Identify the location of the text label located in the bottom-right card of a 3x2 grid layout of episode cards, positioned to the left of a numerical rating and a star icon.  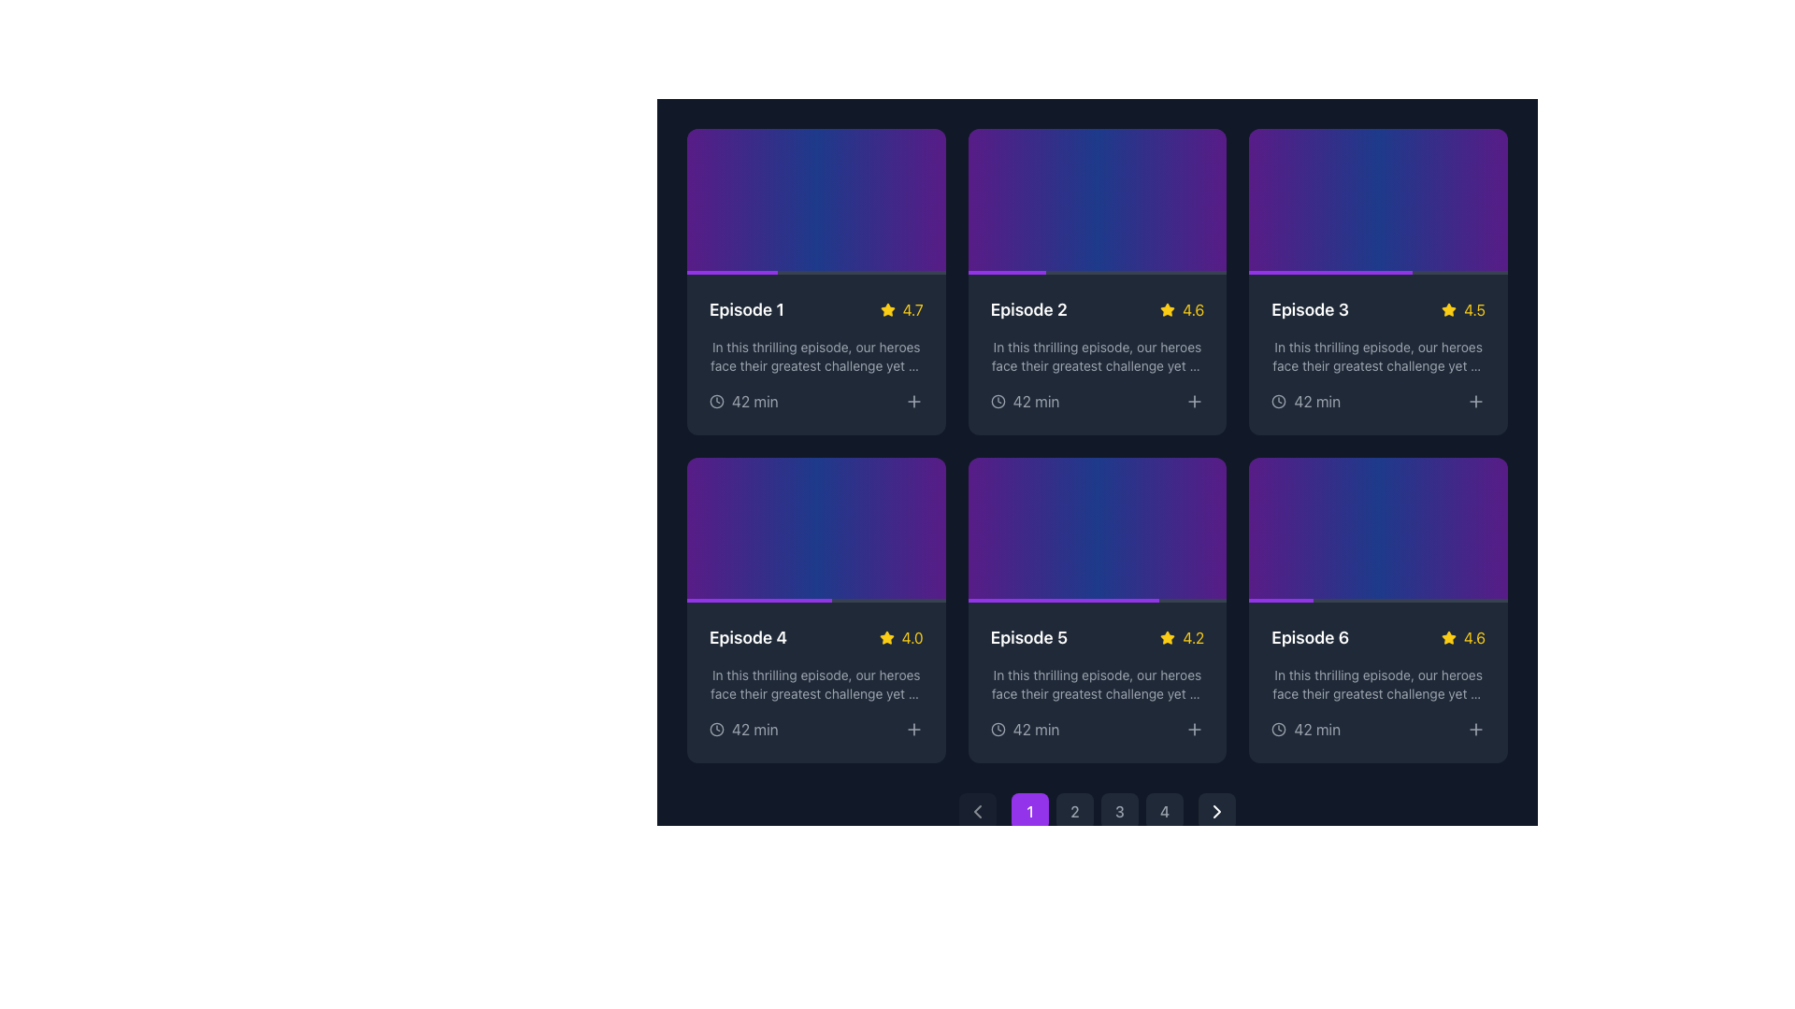
(1309, 637).